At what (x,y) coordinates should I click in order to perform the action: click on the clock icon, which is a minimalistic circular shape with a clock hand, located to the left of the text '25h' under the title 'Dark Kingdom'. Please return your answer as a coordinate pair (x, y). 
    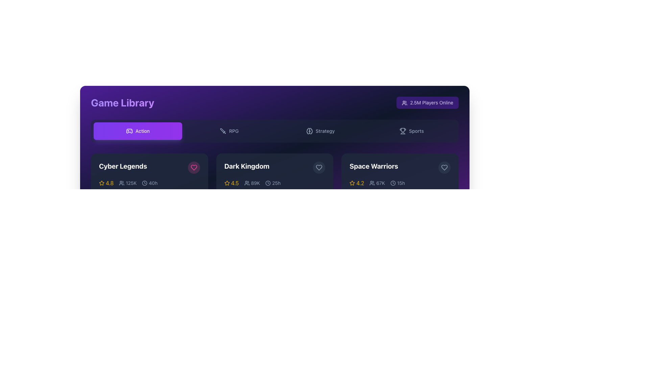
    Looking at the image, I should click on (268, 183).